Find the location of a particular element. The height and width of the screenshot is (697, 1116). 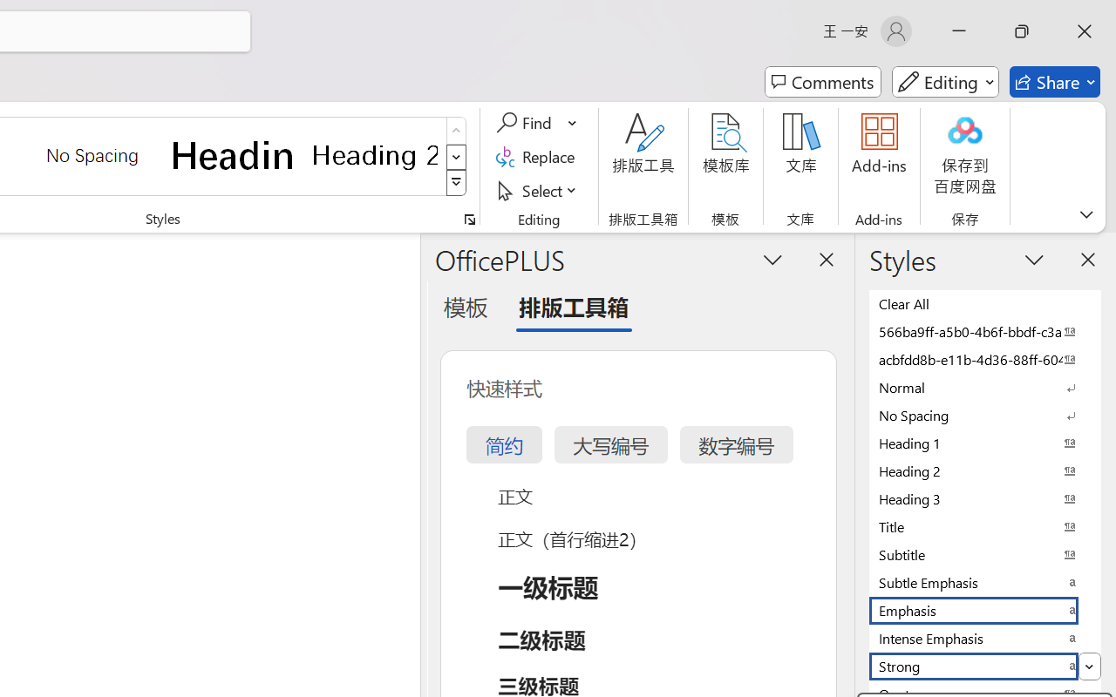

'Subtitle' is located at coordinates (985, 553).